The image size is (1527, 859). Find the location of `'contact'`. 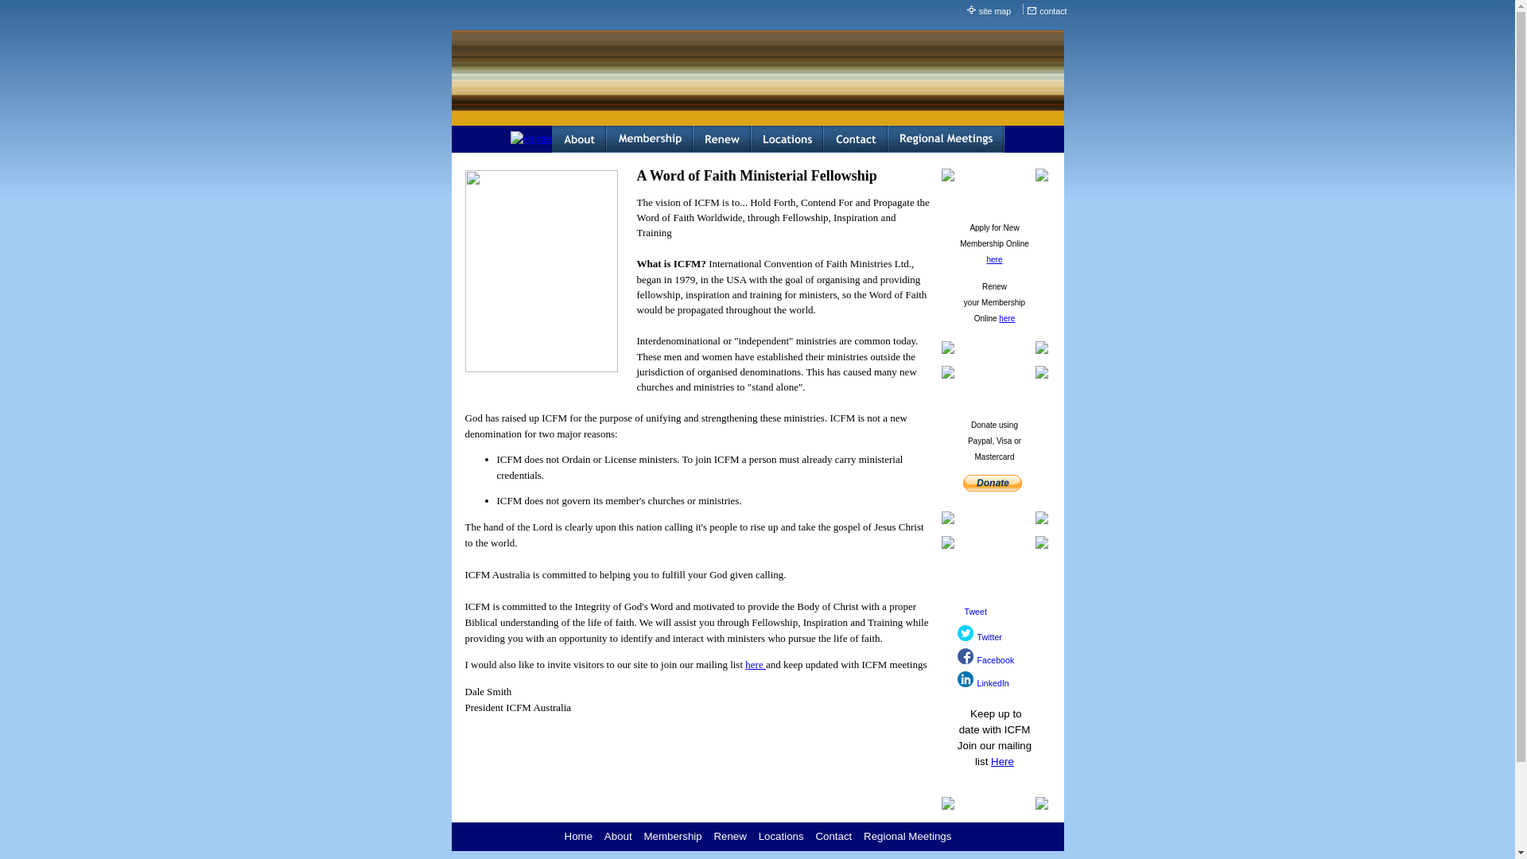

'contact' is located at coordinates (1053, 11).